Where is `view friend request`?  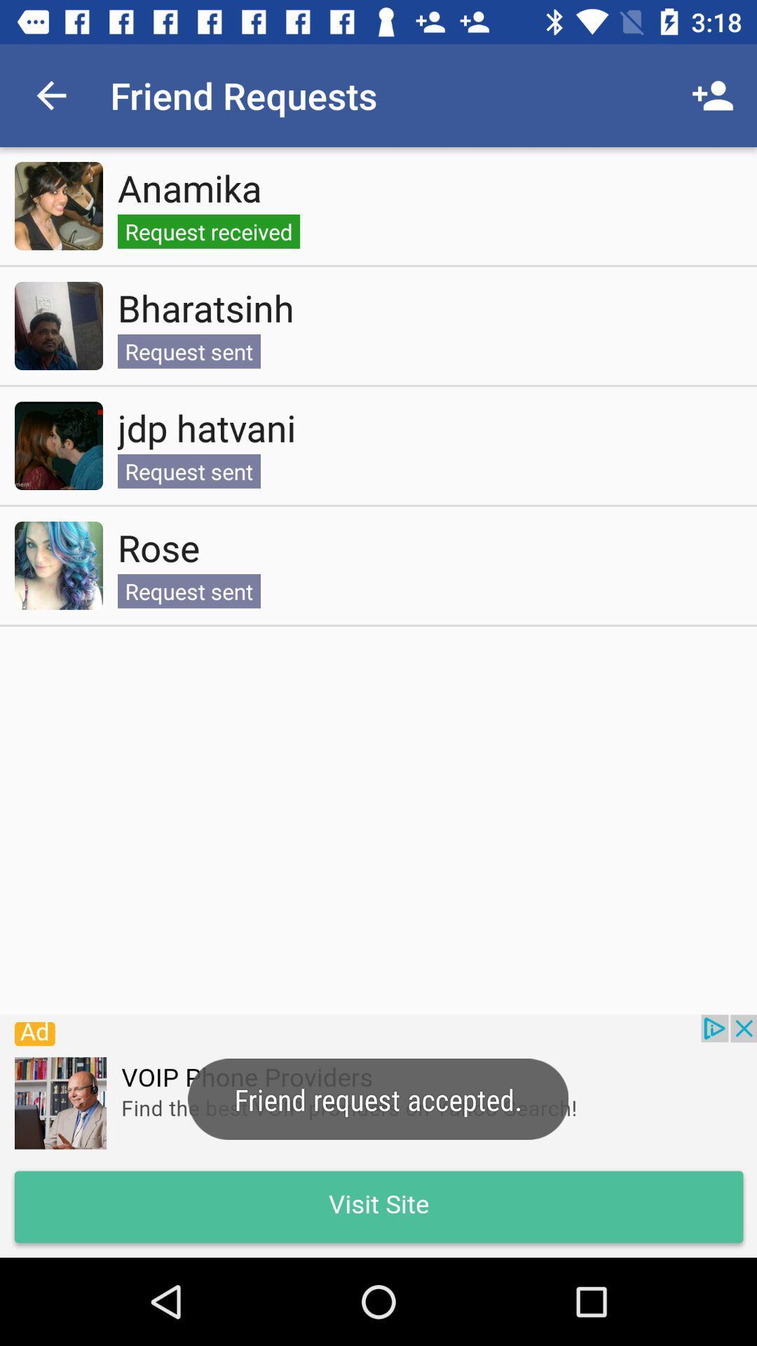
view friend request is located at coordinates (58, 205).